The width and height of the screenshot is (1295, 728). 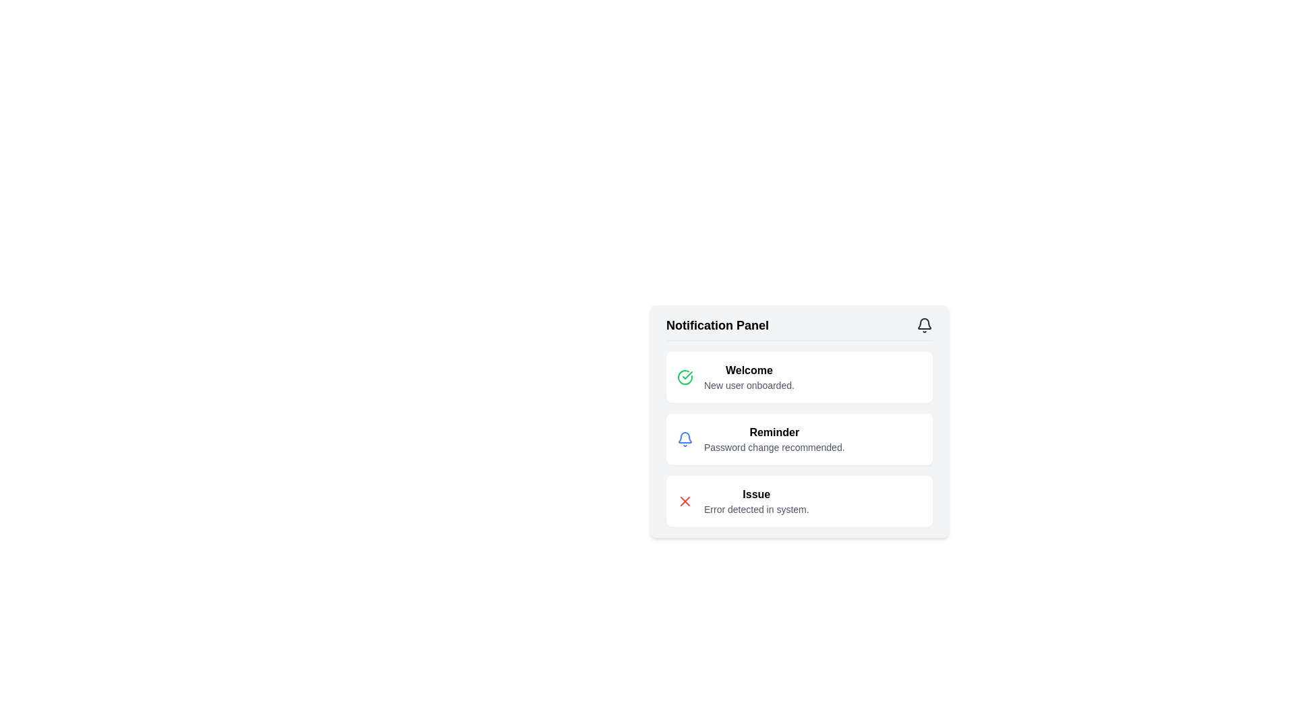 I want to click on the small red 'X' icon rendered with thin strokes, which is located in the Issue notification card of the Notification Panel, positioned to the left of the 'Issue' text, so click(x=685, y=502).